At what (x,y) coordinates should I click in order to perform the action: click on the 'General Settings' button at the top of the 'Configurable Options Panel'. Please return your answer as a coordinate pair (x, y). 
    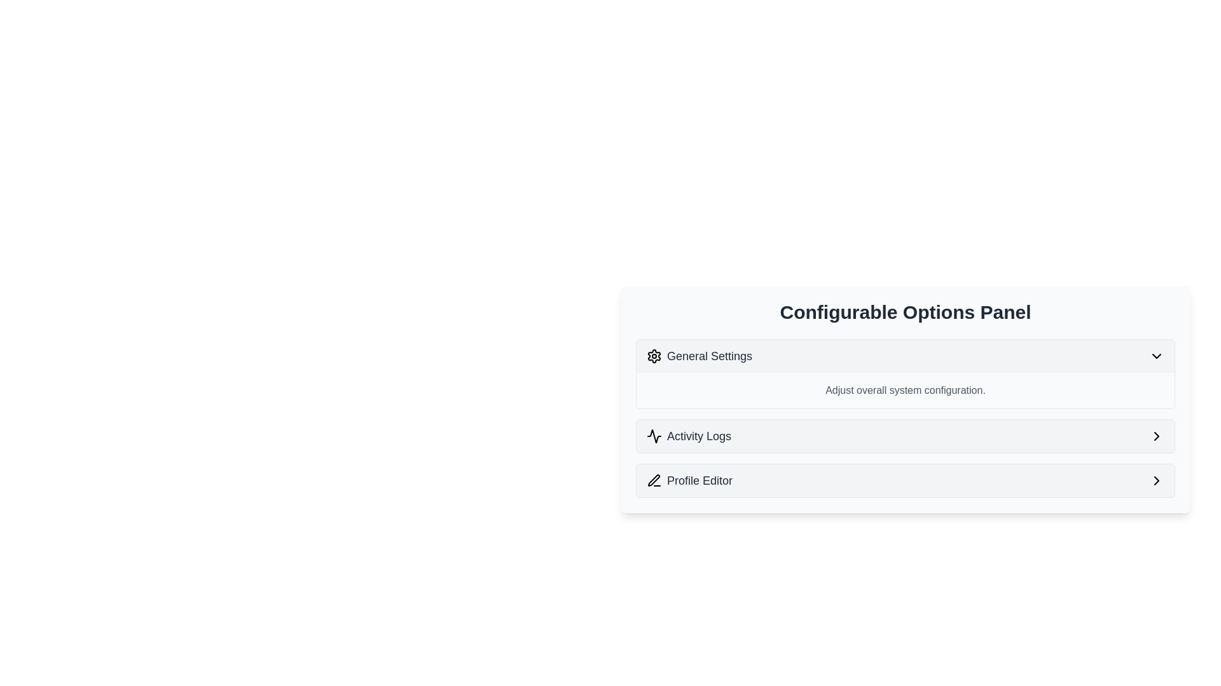
    Looking at the image, I should click on (905, 356).